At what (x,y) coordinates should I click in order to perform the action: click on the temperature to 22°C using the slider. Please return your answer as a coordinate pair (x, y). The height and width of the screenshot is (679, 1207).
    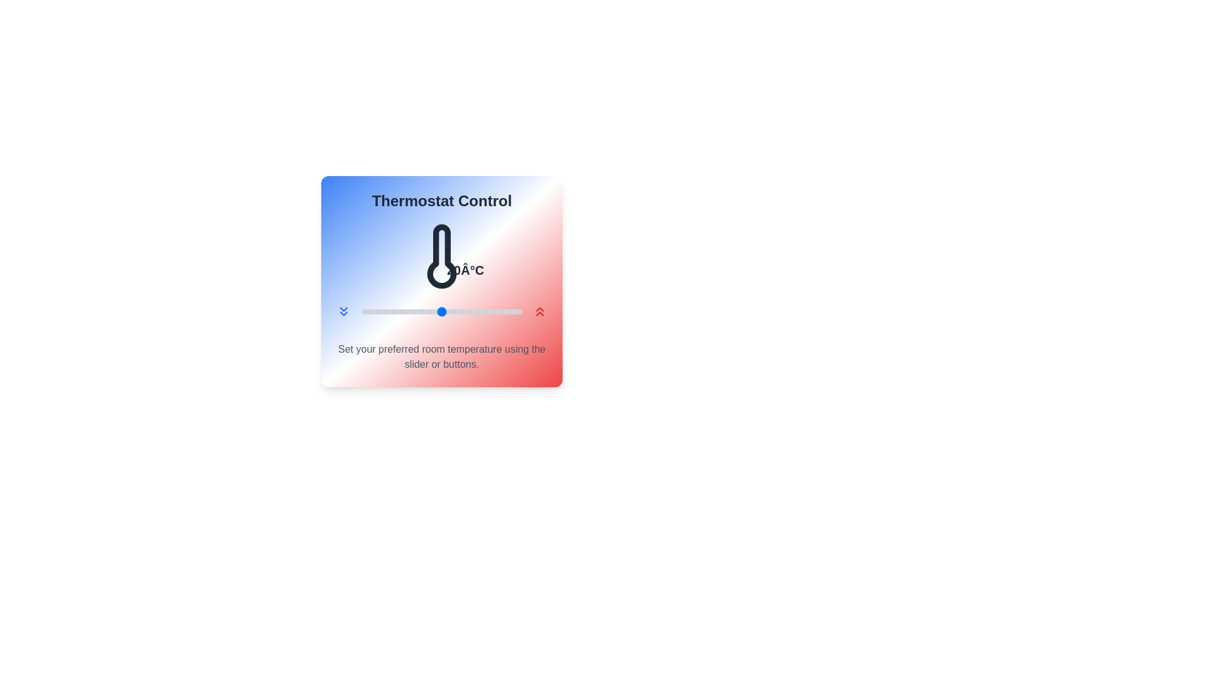
    Looking at the image, I should click on (457, 311).